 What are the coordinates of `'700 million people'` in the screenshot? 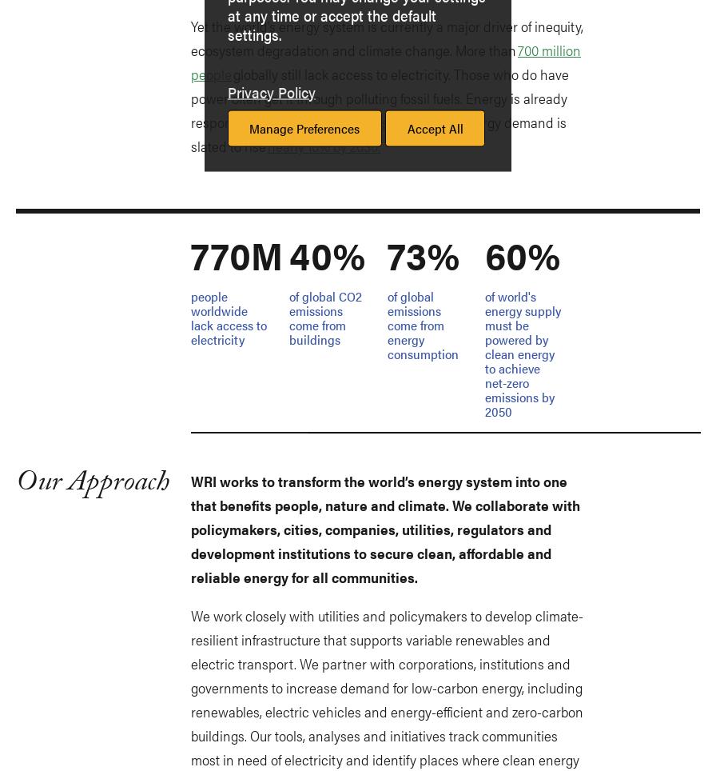 It's located at (386, 62).